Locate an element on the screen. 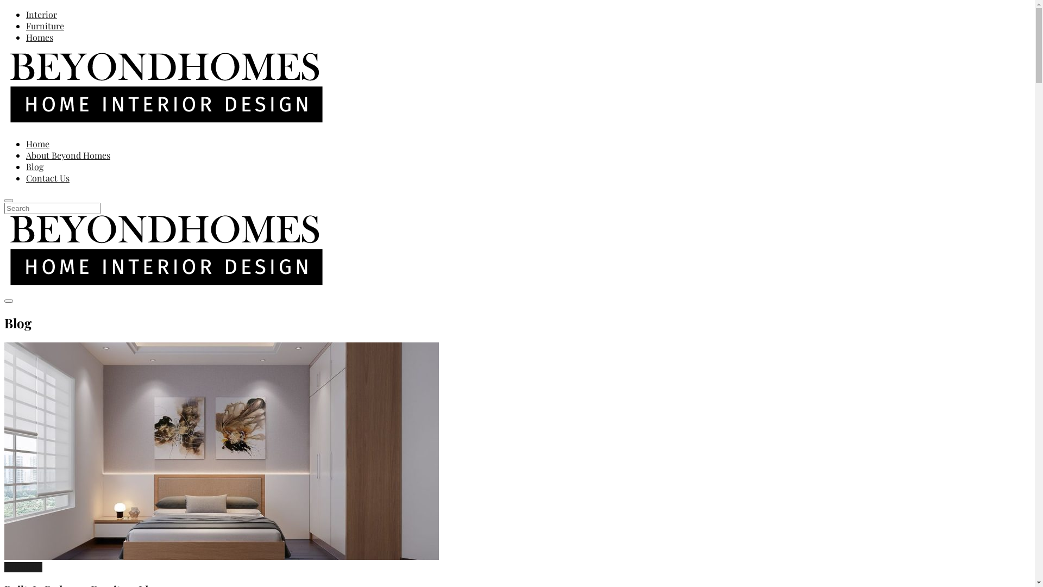 The width and height of the screenshot is (1043, 587). 'Furniture' is located at coordinates (44, 25).